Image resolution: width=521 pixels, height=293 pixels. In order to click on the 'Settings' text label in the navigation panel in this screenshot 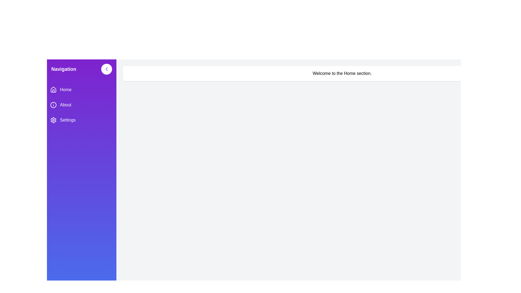, I will do `click(67, 120)`.